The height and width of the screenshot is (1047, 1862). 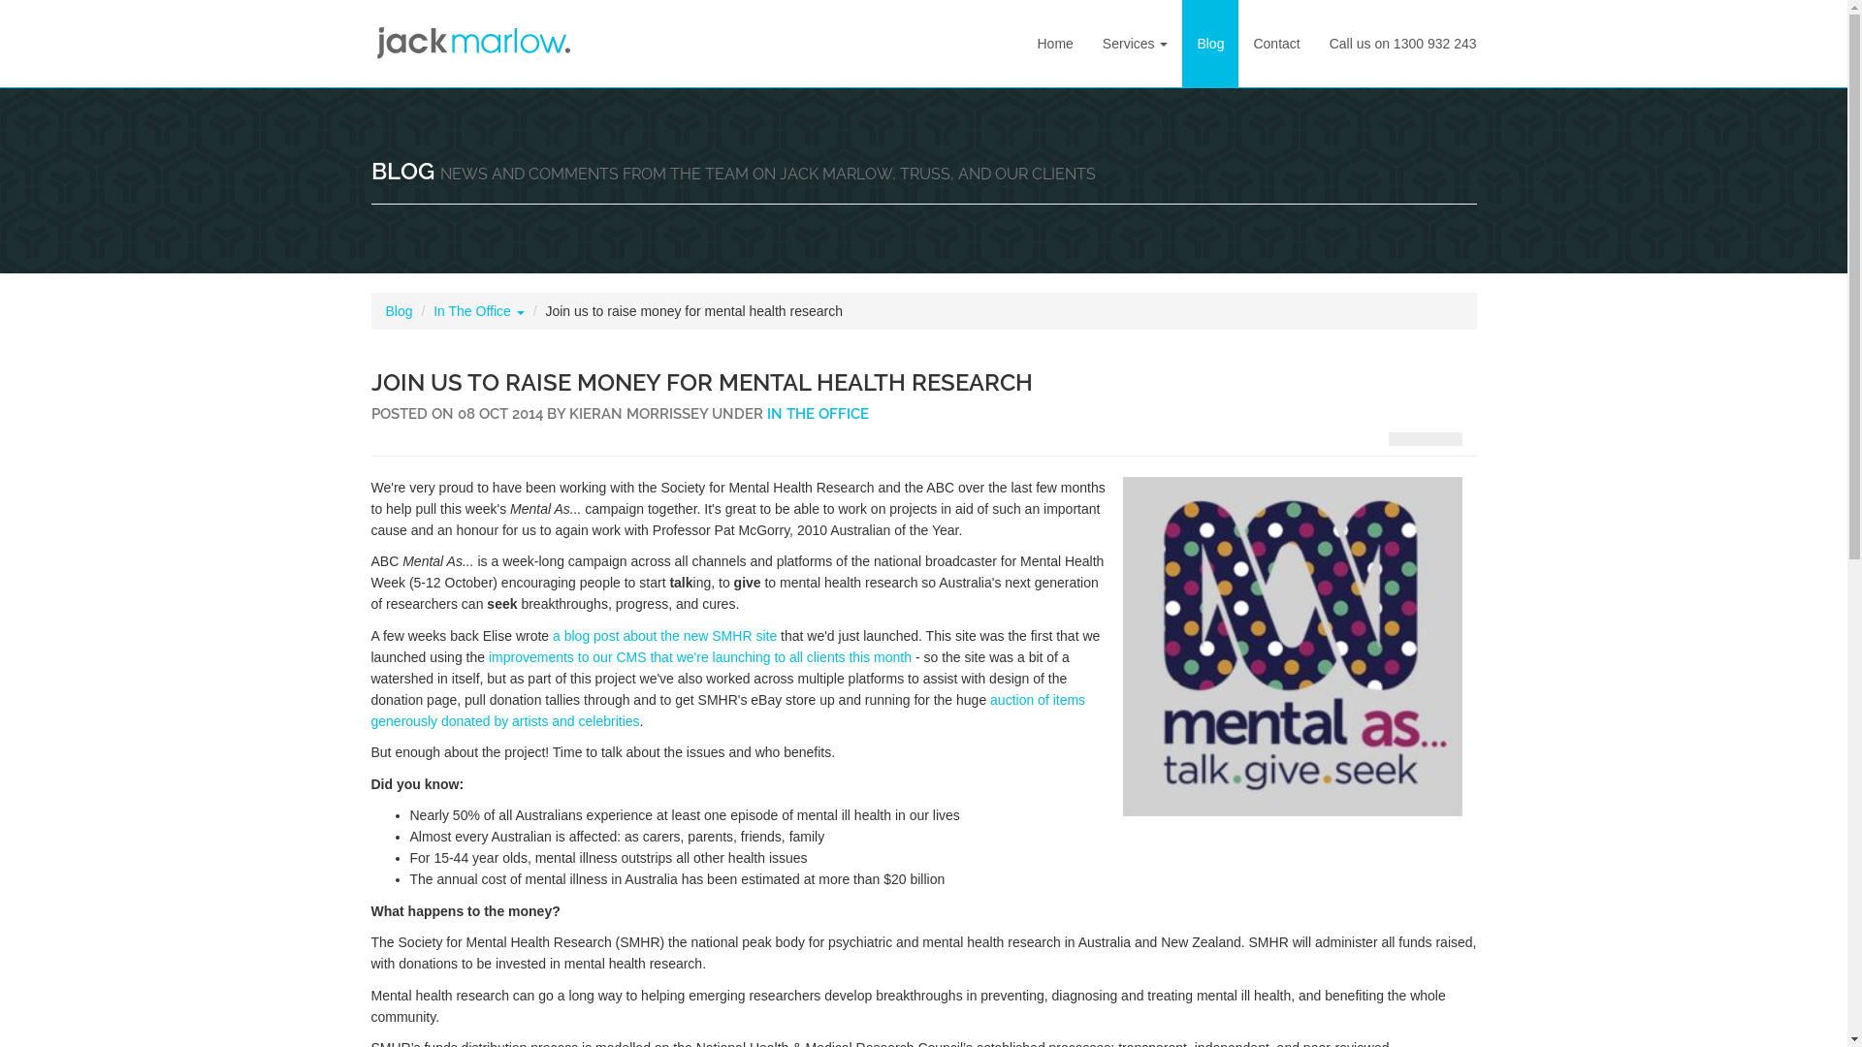 I want to click on 'Services', so click(x=1136, y=44).